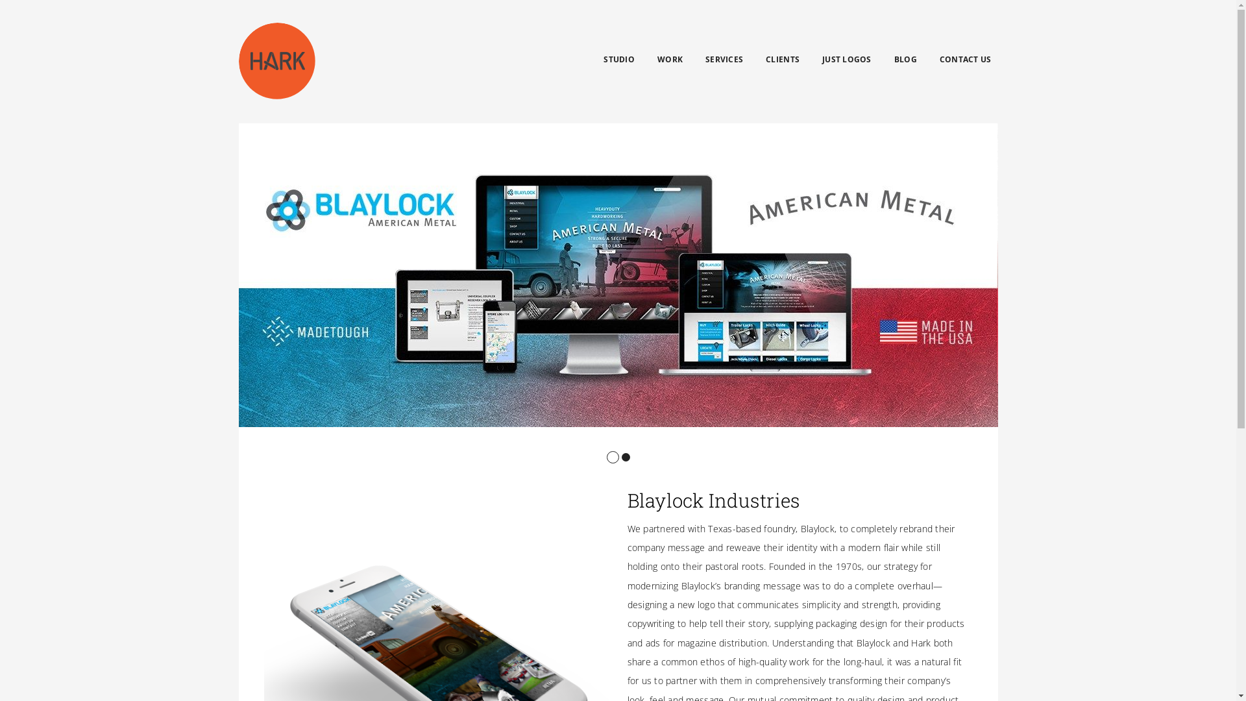 Image resolution: width=1246 pixels, height=701 pixels. Describe the element at coordinates (781, 60) in the screenshot. I see `'CLIENTS'` at that location.